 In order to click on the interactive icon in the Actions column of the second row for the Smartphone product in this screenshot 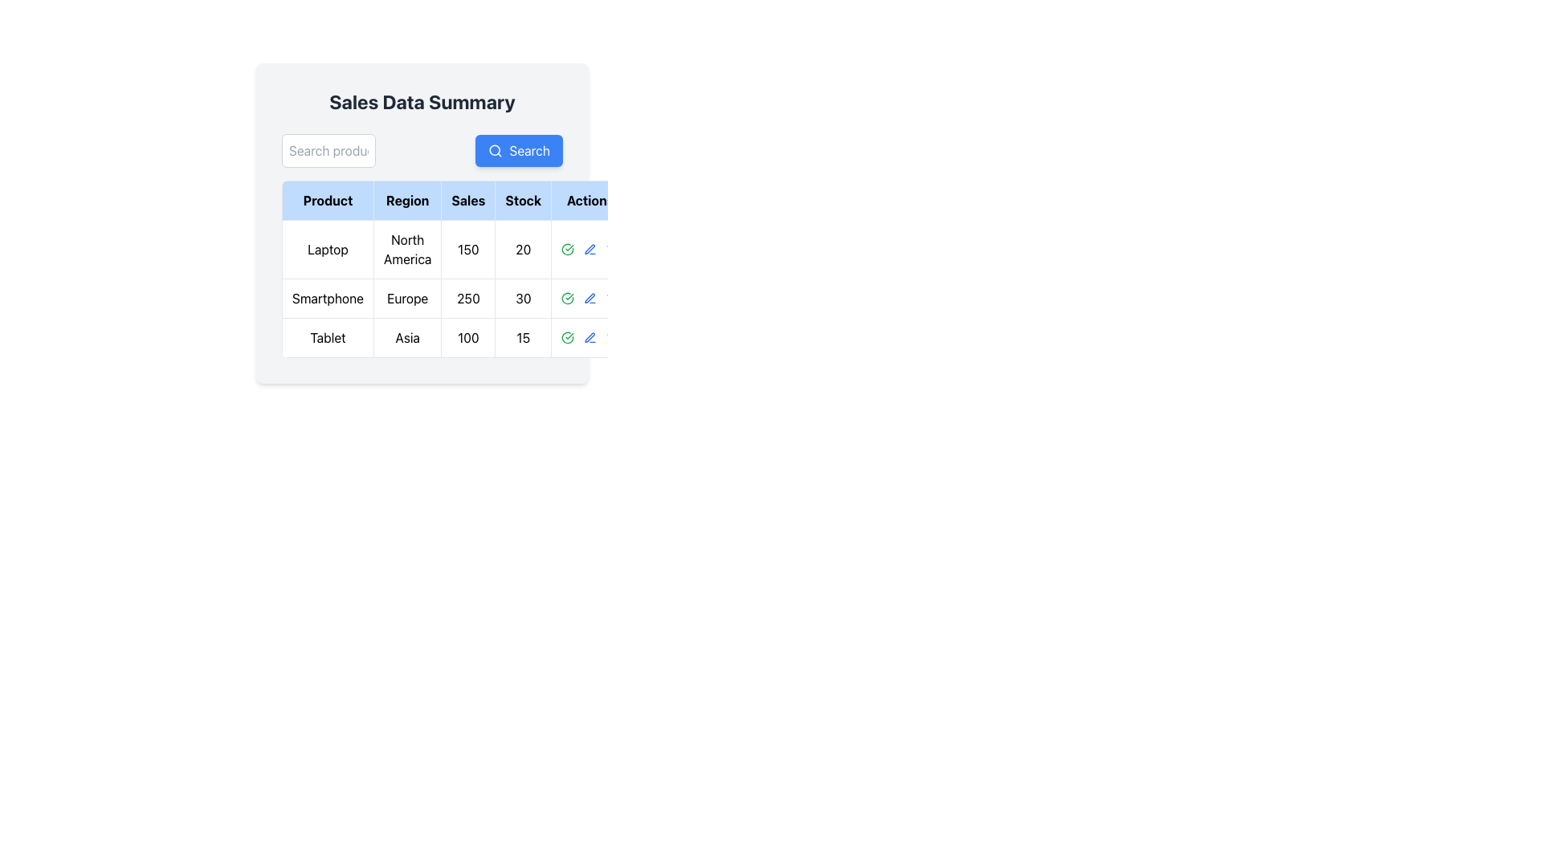, I will do `click(568, 298)`.